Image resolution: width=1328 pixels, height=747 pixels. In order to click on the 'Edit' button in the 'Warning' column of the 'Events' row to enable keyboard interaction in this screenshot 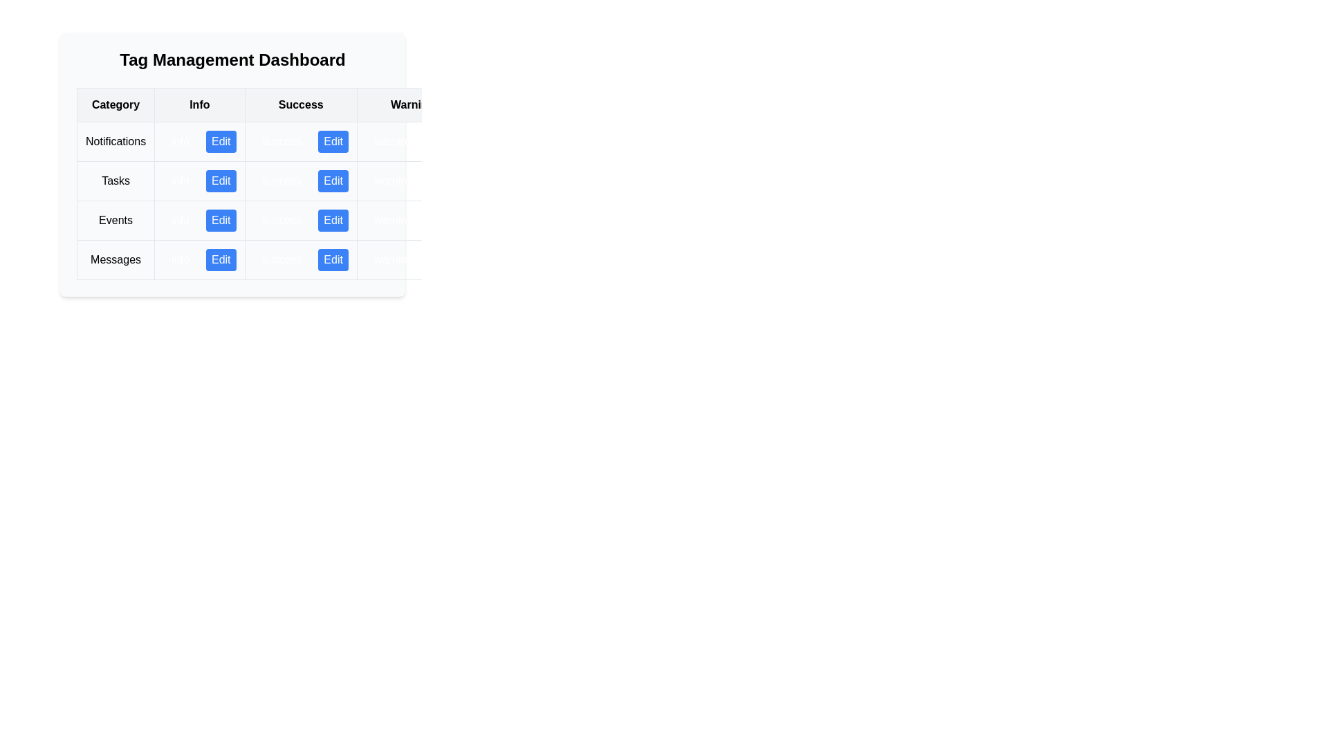, I will do `click(412, 220)`.